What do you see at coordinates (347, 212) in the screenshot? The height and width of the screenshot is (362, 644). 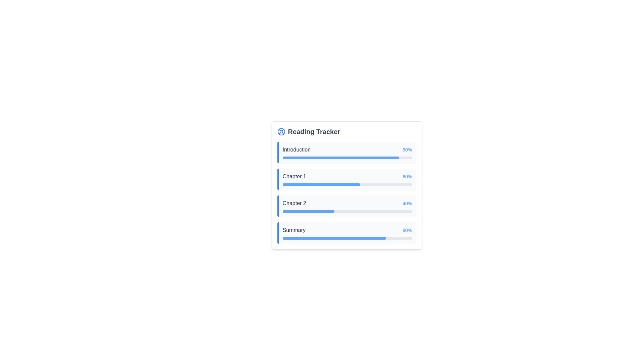 I see `the progress bar representing 40% for 'Chapter 2' in the 'Reading Tracker' panel` at bounding box center [347, 212].